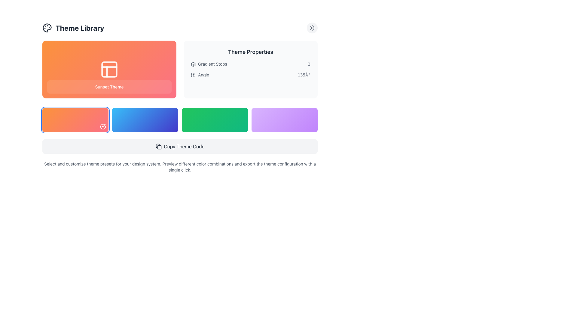 The height and width of the screenshot is (325, 577). I want to click on the content of the text label indicating the count or relevant value associated with gradient stops, located in the 'Theme Properties' section, positioned next to 'Gradient Stops', so click(309, 64).